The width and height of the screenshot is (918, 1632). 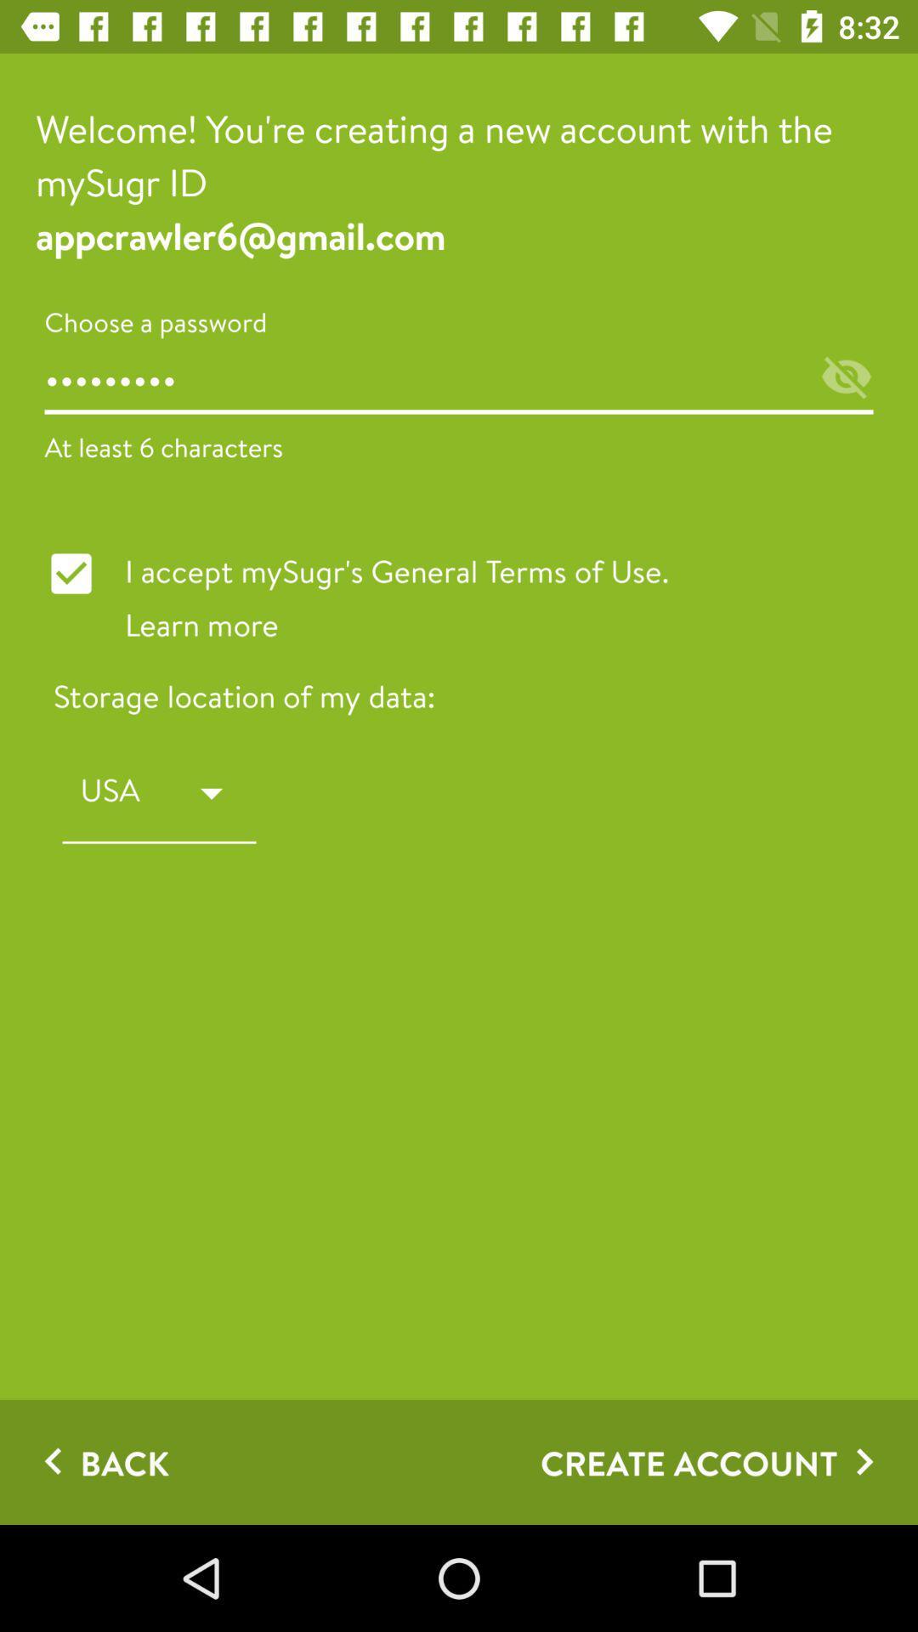 What do you see at coordinates (846, 377) in the screenshot?
I see `hide/view password` at bounding box center [846, 377].